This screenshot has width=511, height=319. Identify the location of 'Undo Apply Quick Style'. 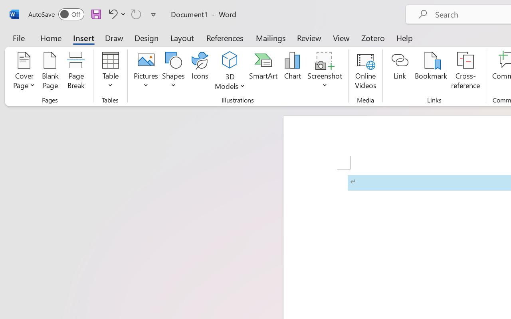
(111, 14).